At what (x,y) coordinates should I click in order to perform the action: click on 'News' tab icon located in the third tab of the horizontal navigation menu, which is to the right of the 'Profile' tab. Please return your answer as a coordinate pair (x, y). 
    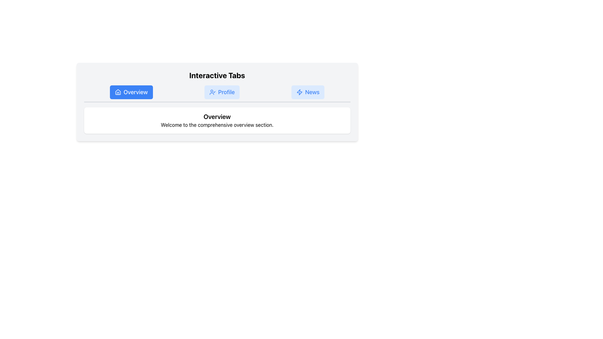
    Looking at the image, I should click on (299, 92).